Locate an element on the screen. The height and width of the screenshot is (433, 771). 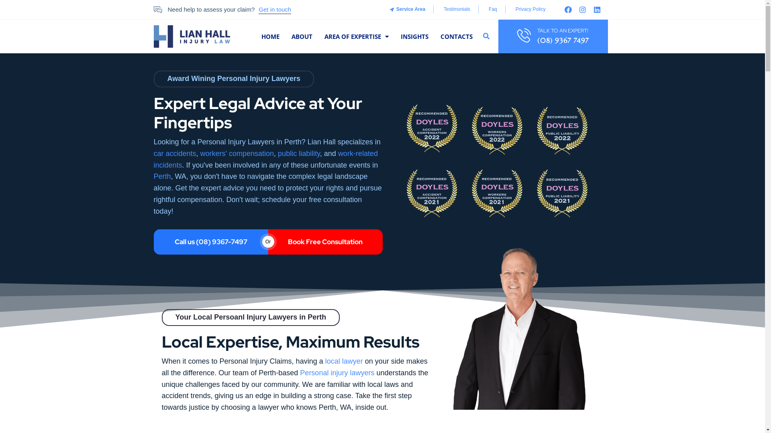
'AREA OF EXPERTISE' is located at coordinates (356, 36).